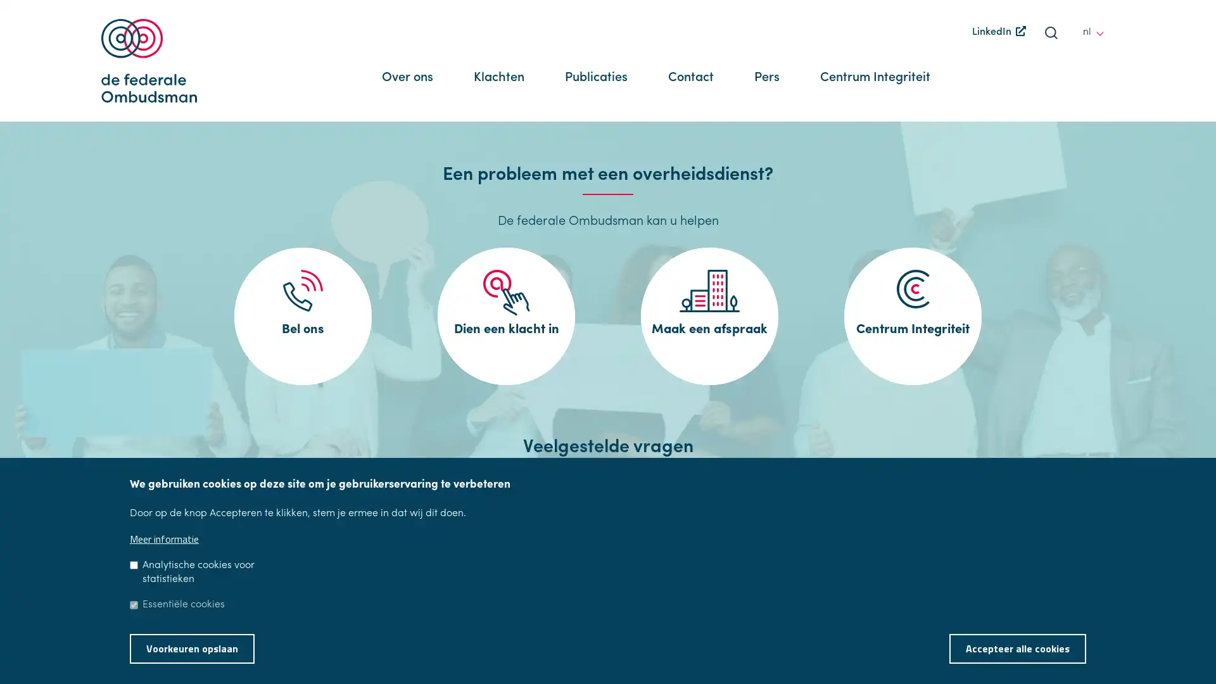 The width and height of the screenshot is (1216, 684). I want to click on Toestemming intrekken, so click(1102, 640).